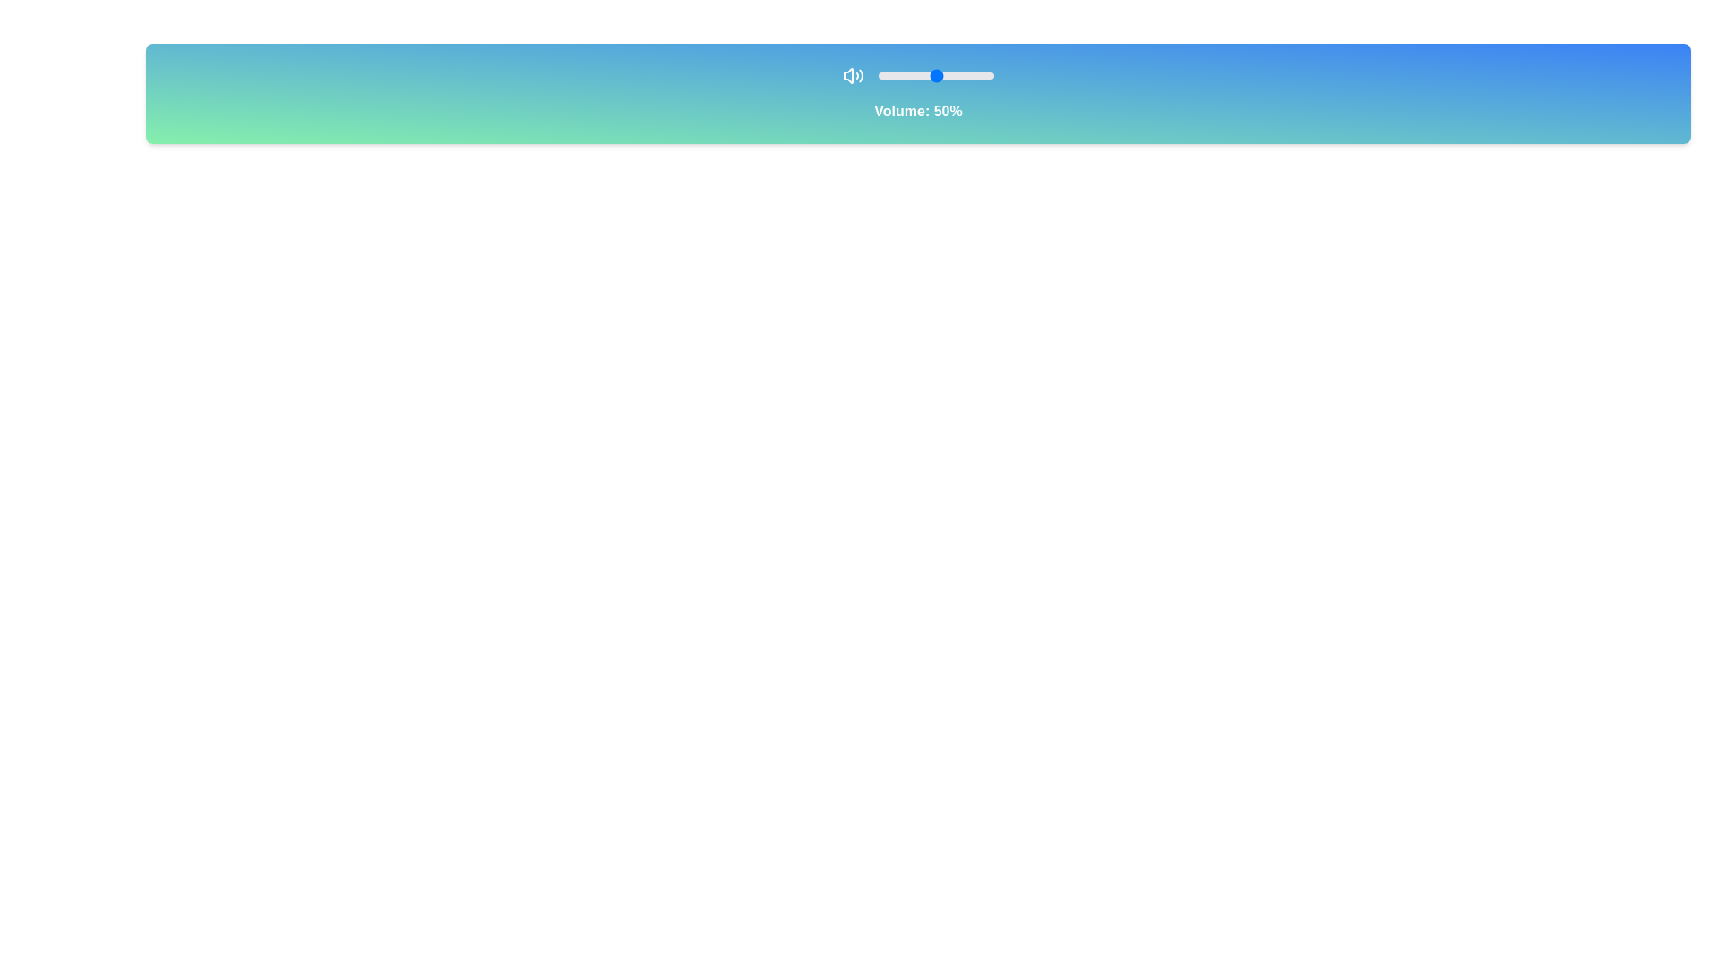 Image resolution: width=1718 pixels, height=966 pixels. Describe the element at coordinates (975, 74) in the screenshot. I see `the volume level on the slider` at that location.